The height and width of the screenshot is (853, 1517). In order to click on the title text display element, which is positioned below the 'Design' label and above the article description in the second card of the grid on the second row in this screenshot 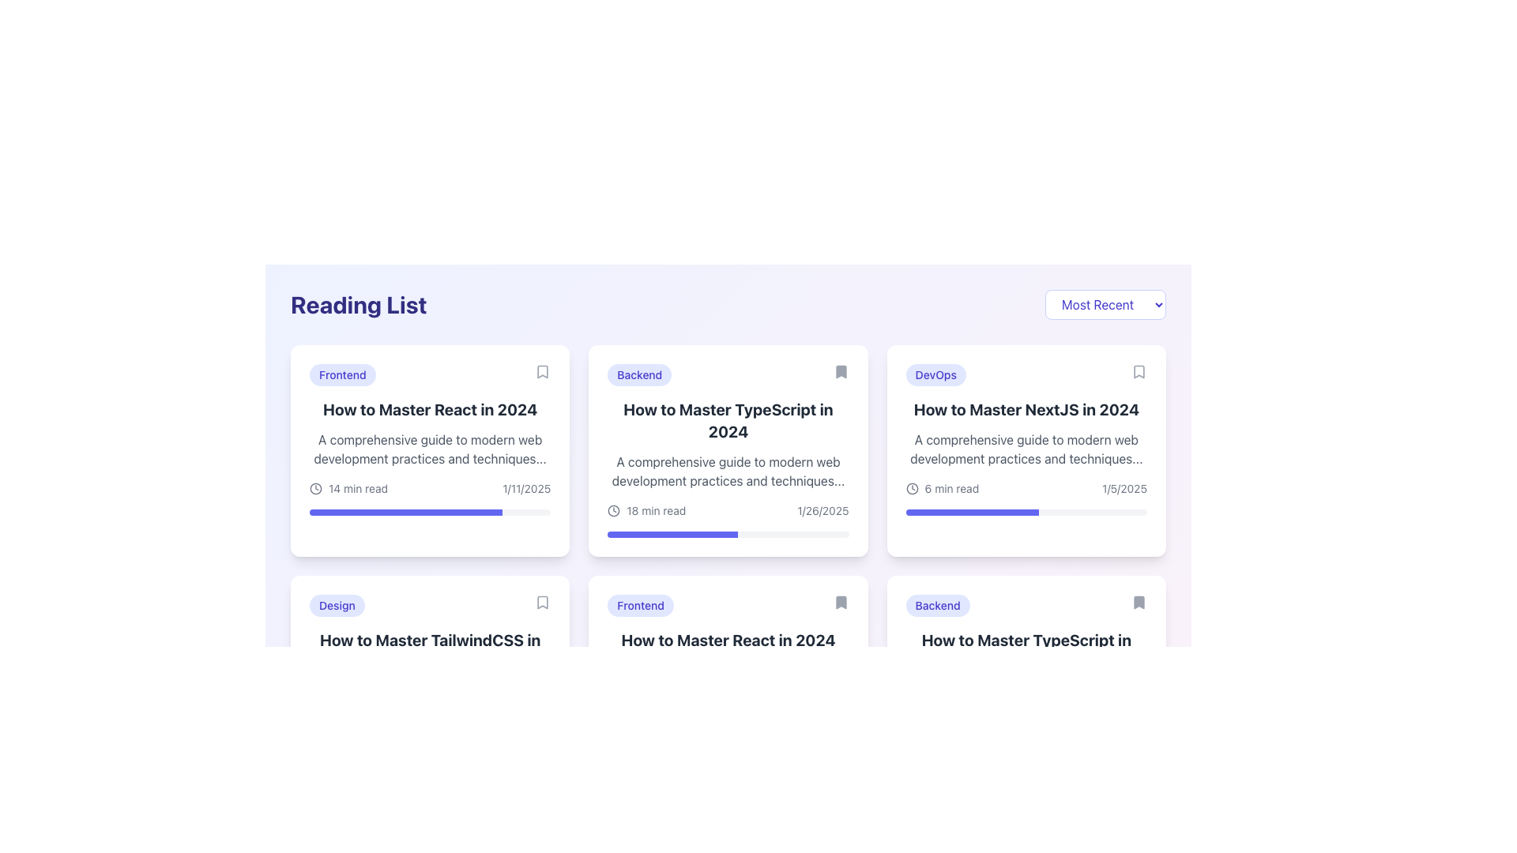, I will do `click(430, 652)`.